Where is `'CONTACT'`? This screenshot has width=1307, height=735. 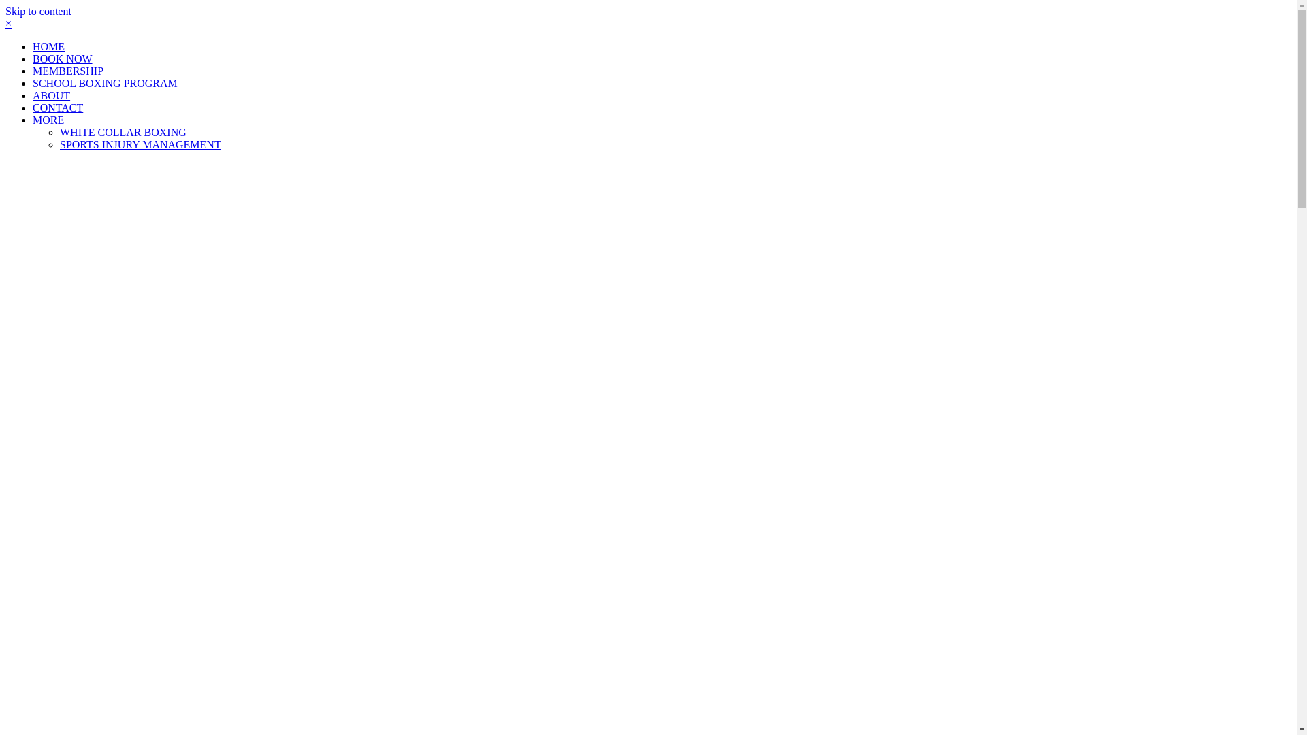
'CONTACT' is located at coordinates (57, 107).